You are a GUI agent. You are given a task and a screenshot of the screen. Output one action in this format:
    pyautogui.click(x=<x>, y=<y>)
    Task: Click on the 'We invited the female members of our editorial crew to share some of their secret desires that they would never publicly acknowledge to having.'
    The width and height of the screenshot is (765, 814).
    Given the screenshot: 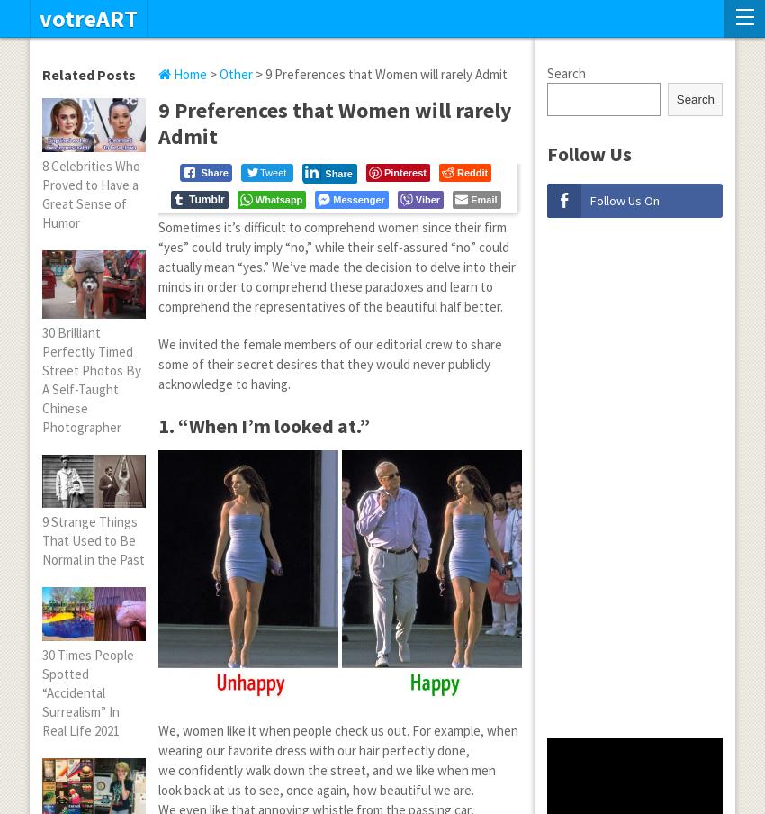 What is the action you would take?
    pyautogui.click(x=157, y=363)
    